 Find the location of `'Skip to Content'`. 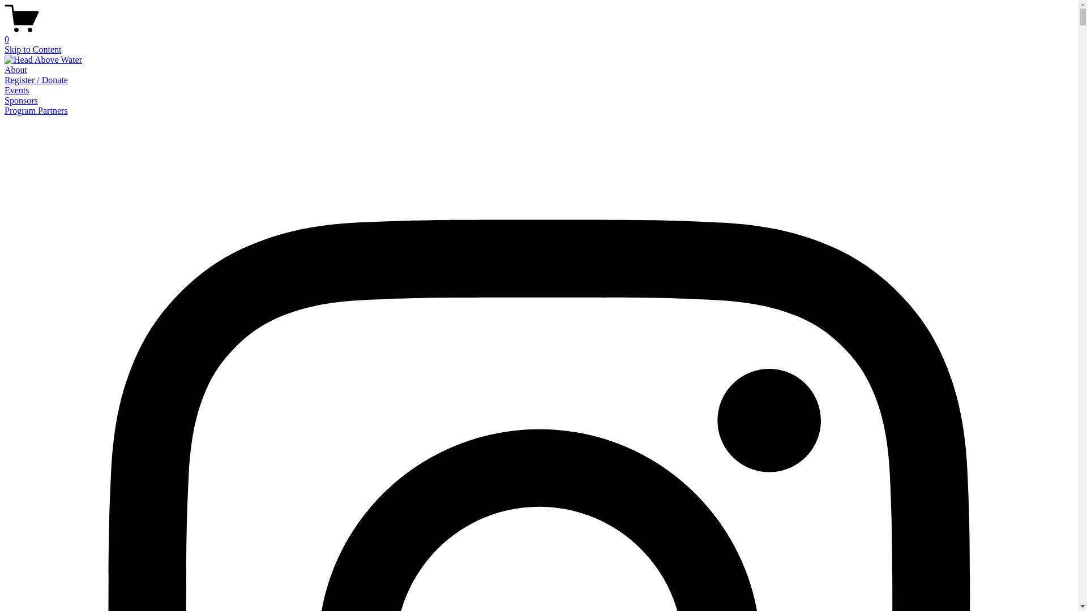

'Skip to Content' is located at coordinates (32, 49).